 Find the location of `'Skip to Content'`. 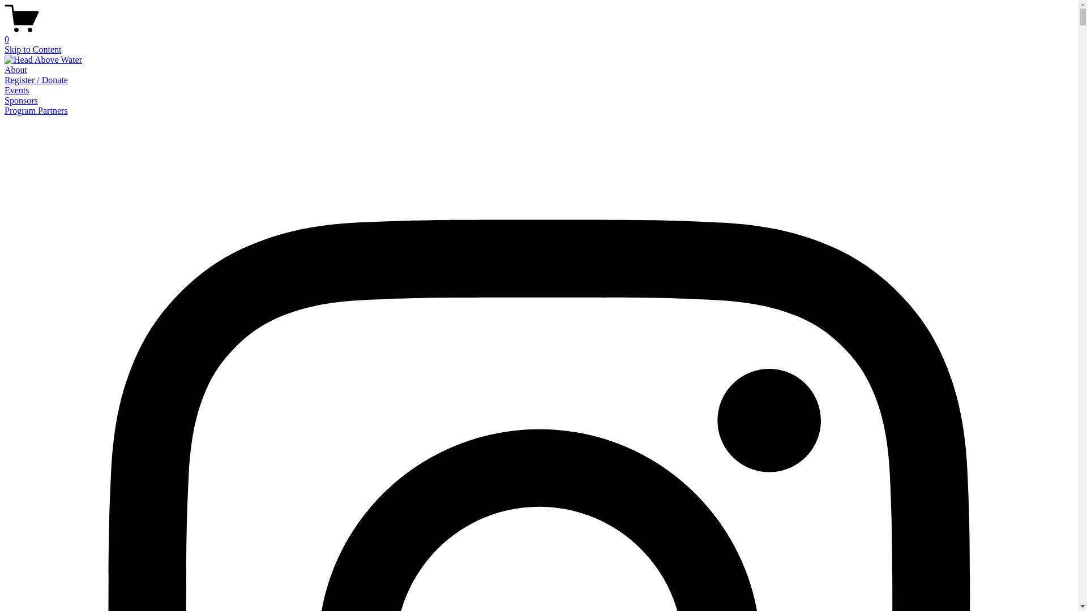

'Skip to Content' is located at coordinates (32, 49).